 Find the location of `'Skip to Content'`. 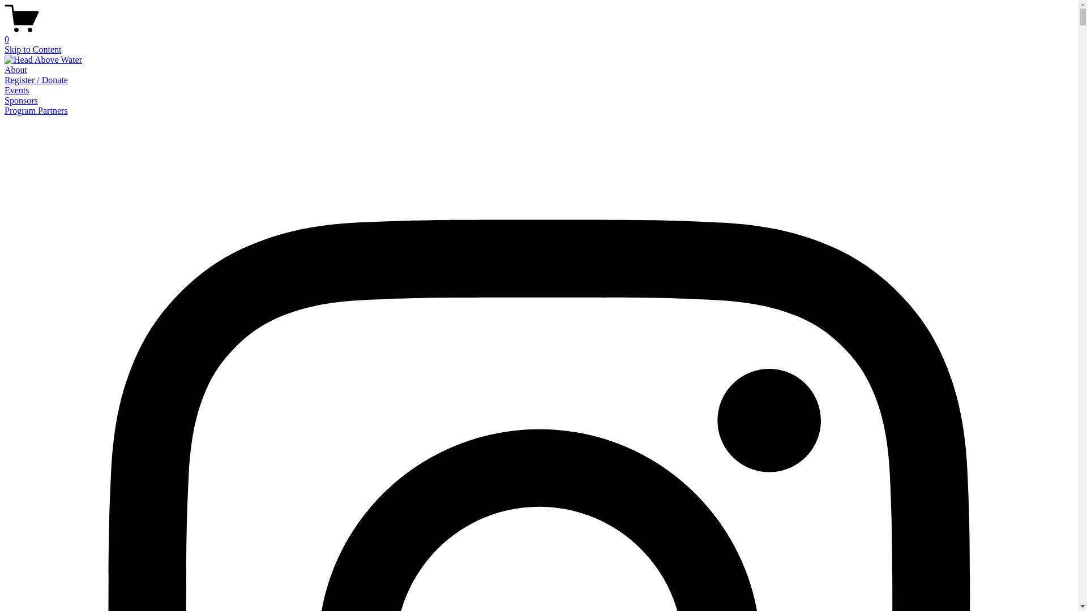

'Skip to Content' is located at coordinates (32, 49).